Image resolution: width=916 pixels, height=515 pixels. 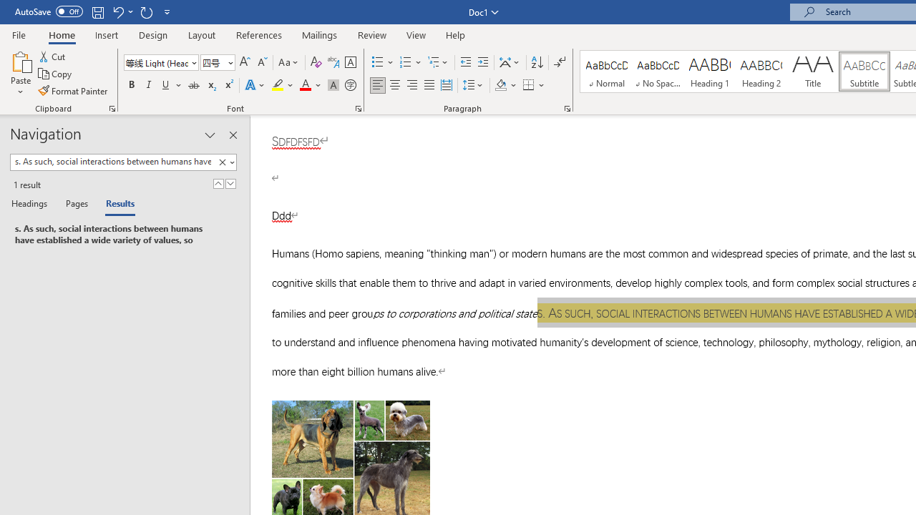 I want to click on 'Character Border', so click(x=350, y=62).